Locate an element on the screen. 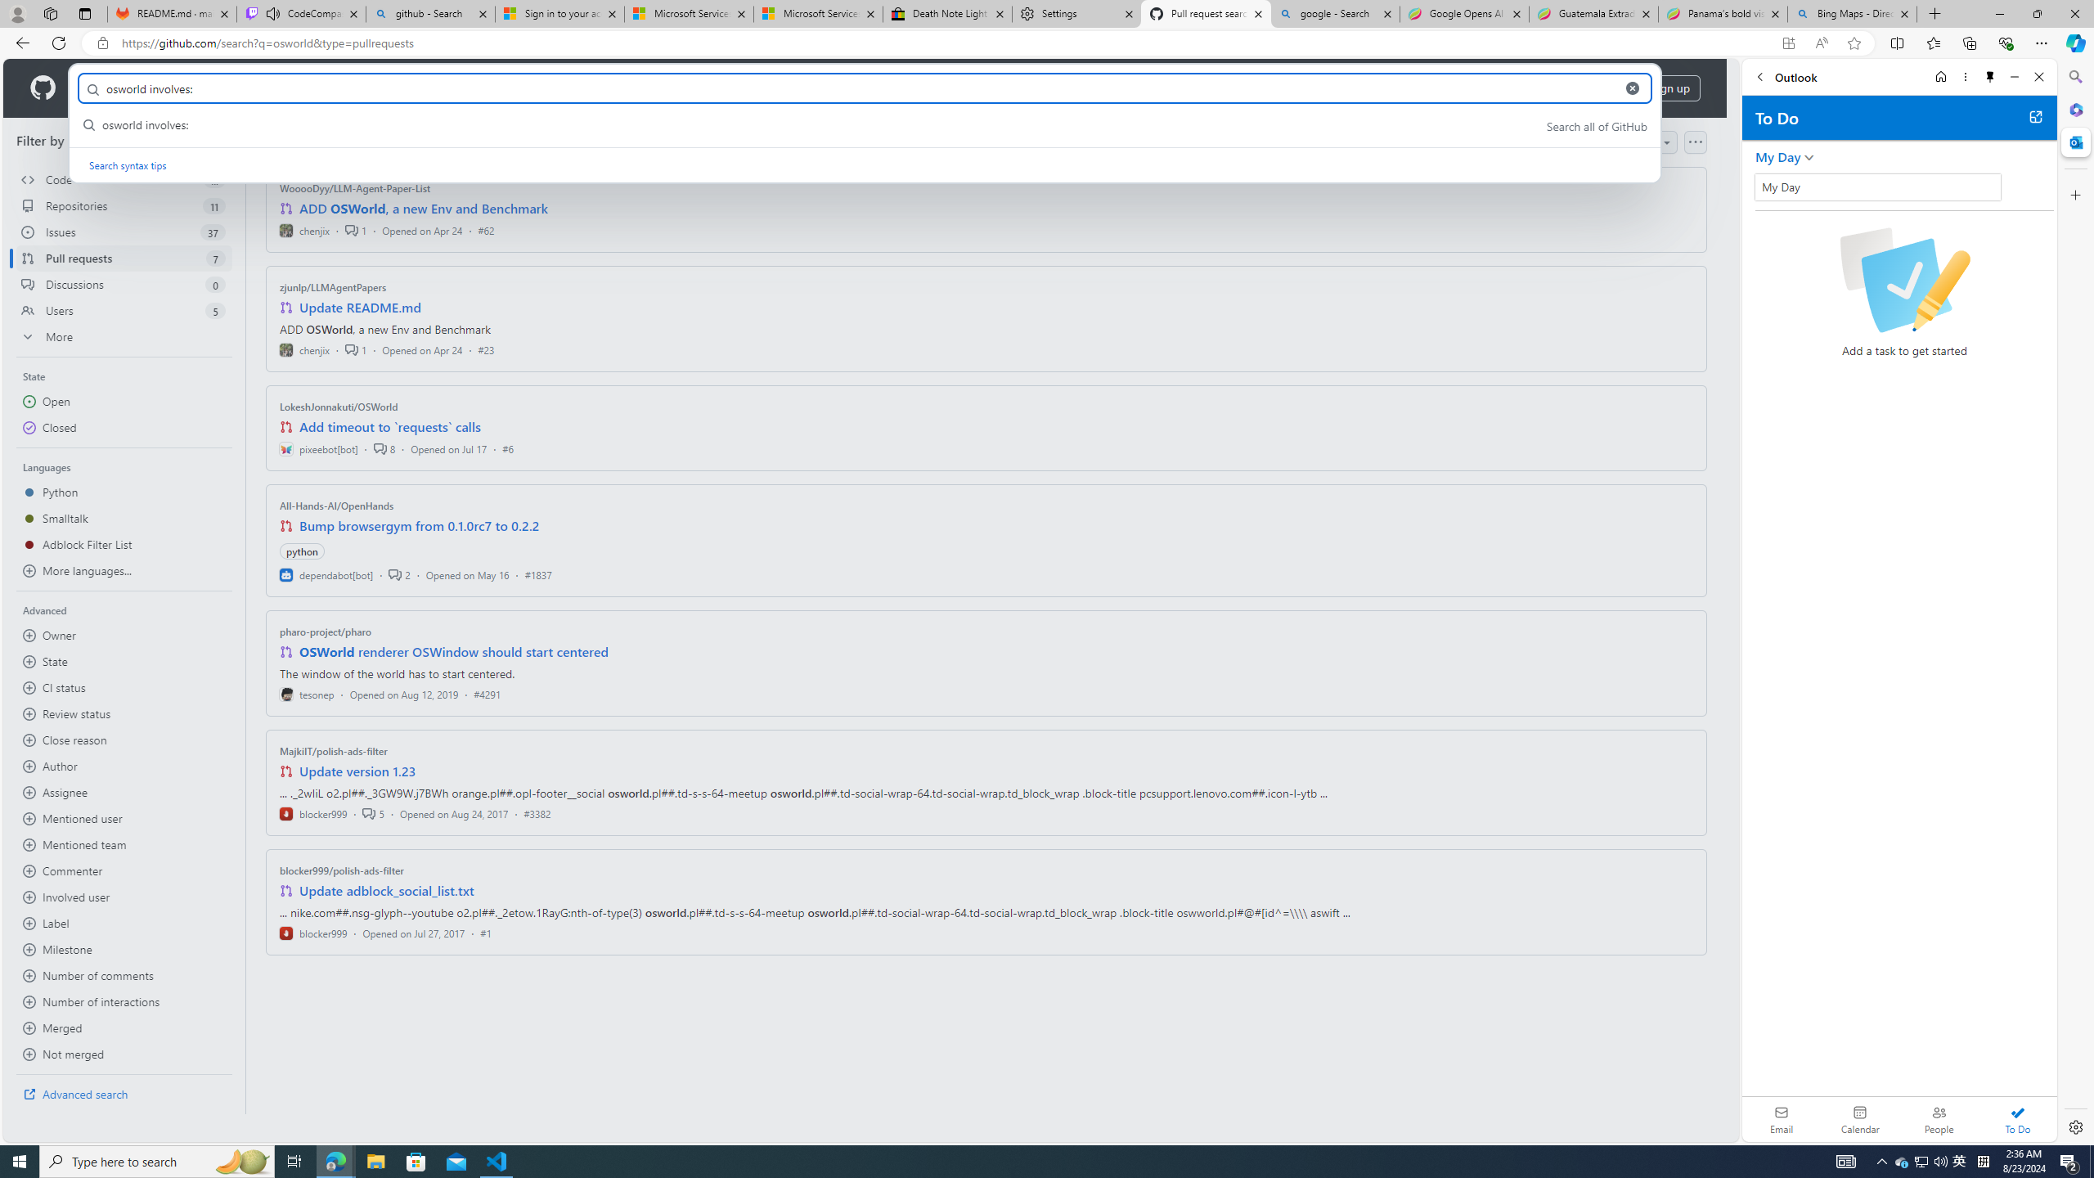  '2' is located at coordinates (399, 573).